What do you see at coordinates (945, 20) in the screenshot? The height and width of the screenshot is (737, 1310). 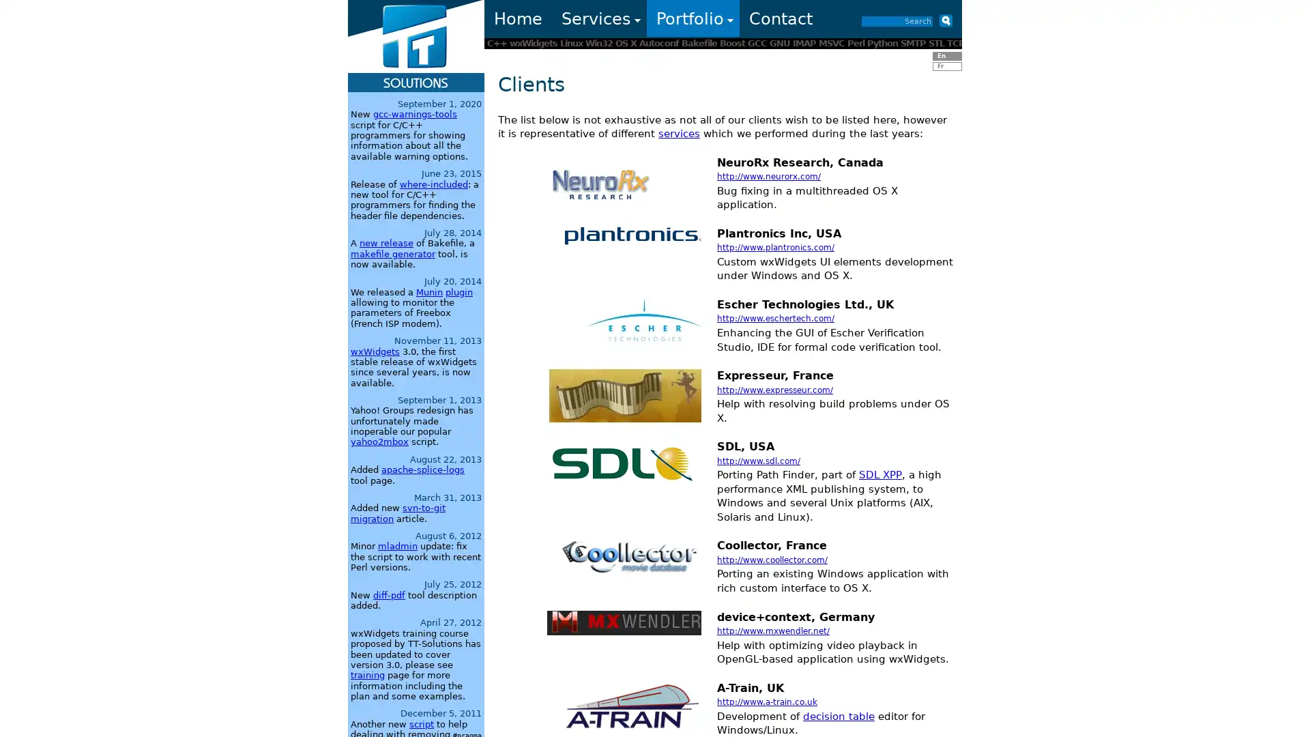 I see `Submit button` at bounding box center [945, 20].